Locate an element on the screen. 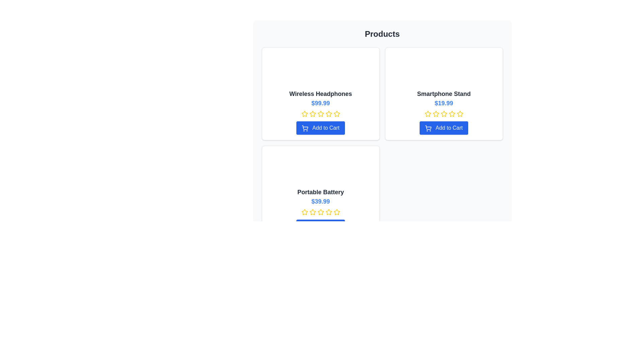  the yellow five-pointed star icon that represents the second rating level for the 'Smartphone Stand' product is located at coordinates (436, 113).